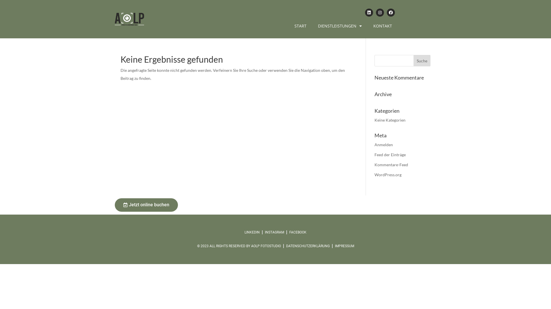  What do you see at coordinates (340, 26) in the screenshot?
I see `'DIENSTLEISTUNGEN'` at bounding box center [340, 26].